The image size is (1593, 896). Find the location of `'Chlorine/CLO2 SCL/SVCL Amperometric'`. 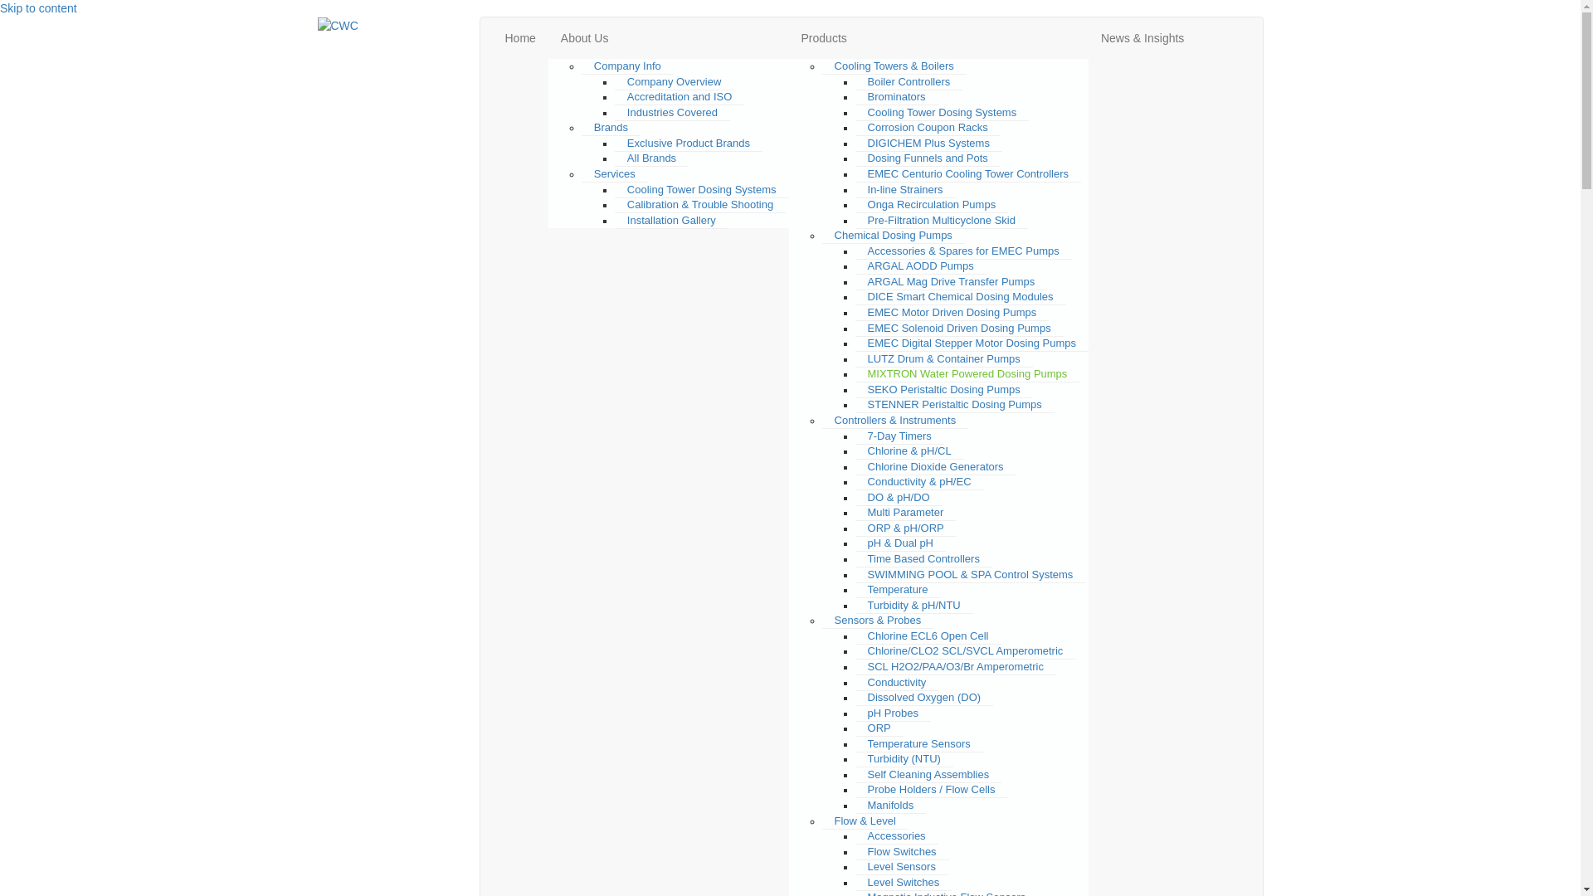

'Chlorine/CLO2 SCL/SVCL Amperometric' is located at coordinates (855, 650).